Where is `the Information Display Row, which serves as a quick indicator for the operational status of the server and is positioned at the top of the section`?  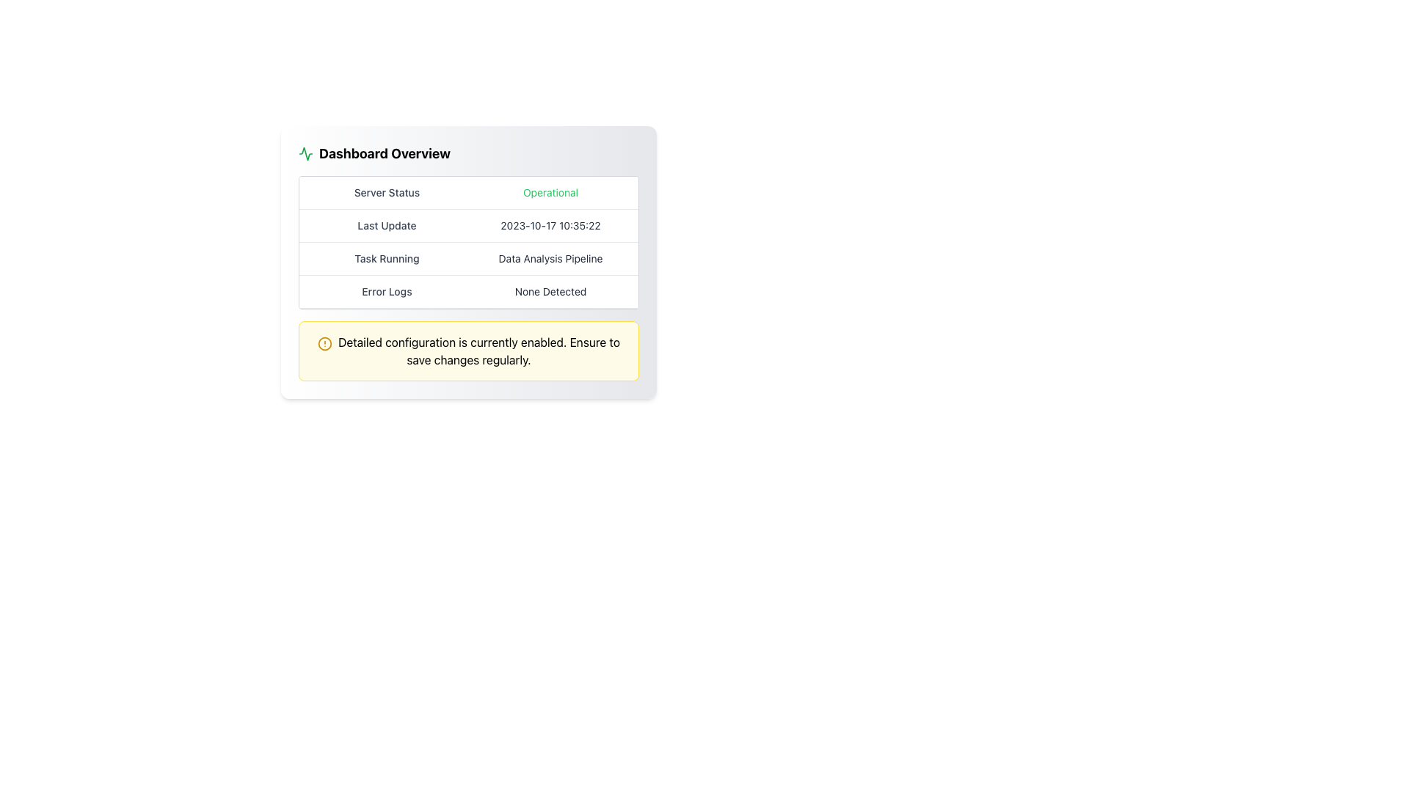 the Information Display Row, which serves as a quick indicator for the operational status of the server and is positioned at the top of the section is located at coordinates (467, 191).